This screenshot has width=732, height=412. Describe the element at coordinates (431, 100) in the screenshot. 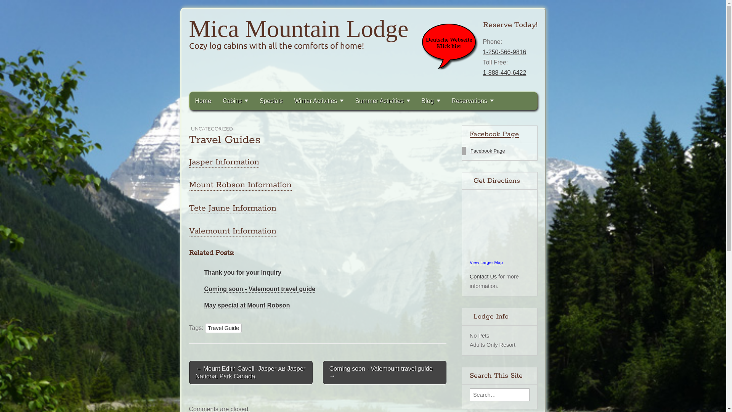

I see `'Blog'` at that location.